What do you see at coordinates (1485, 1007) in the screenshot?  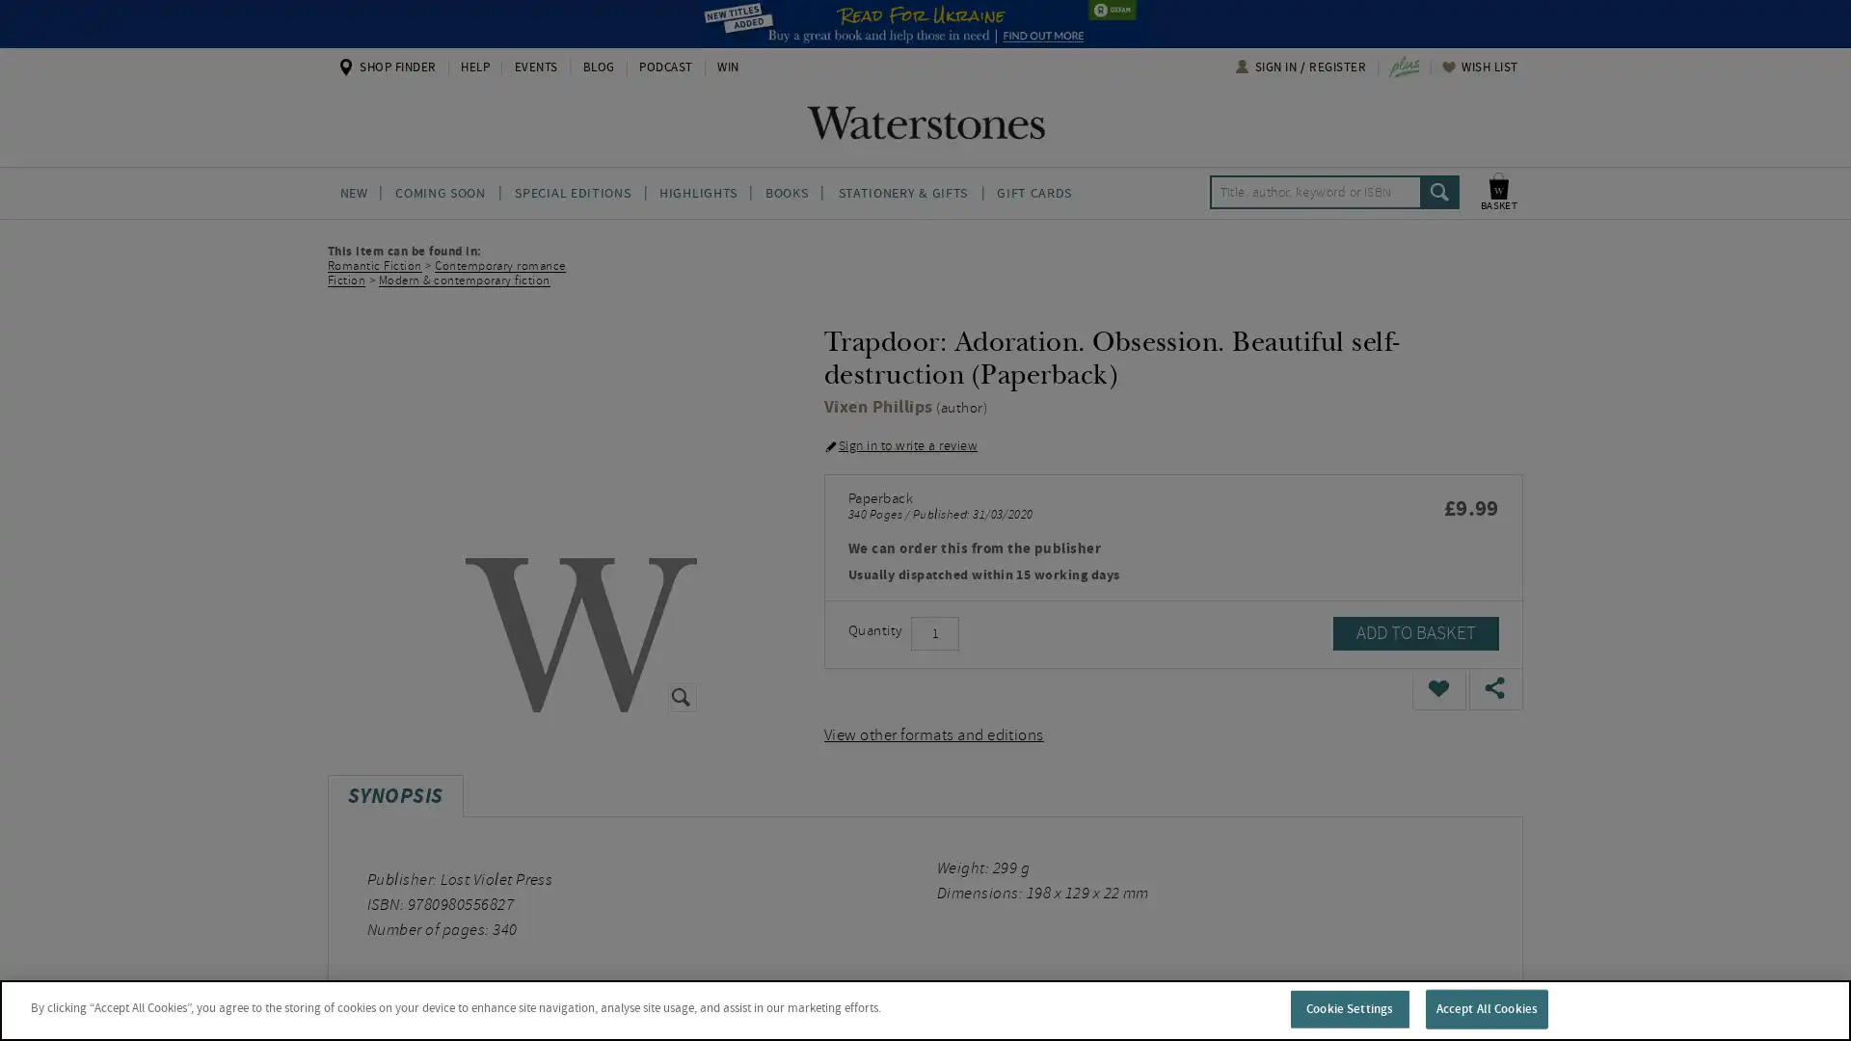 I see `Accept All Cookies` at bounding box center [1485, 1007].